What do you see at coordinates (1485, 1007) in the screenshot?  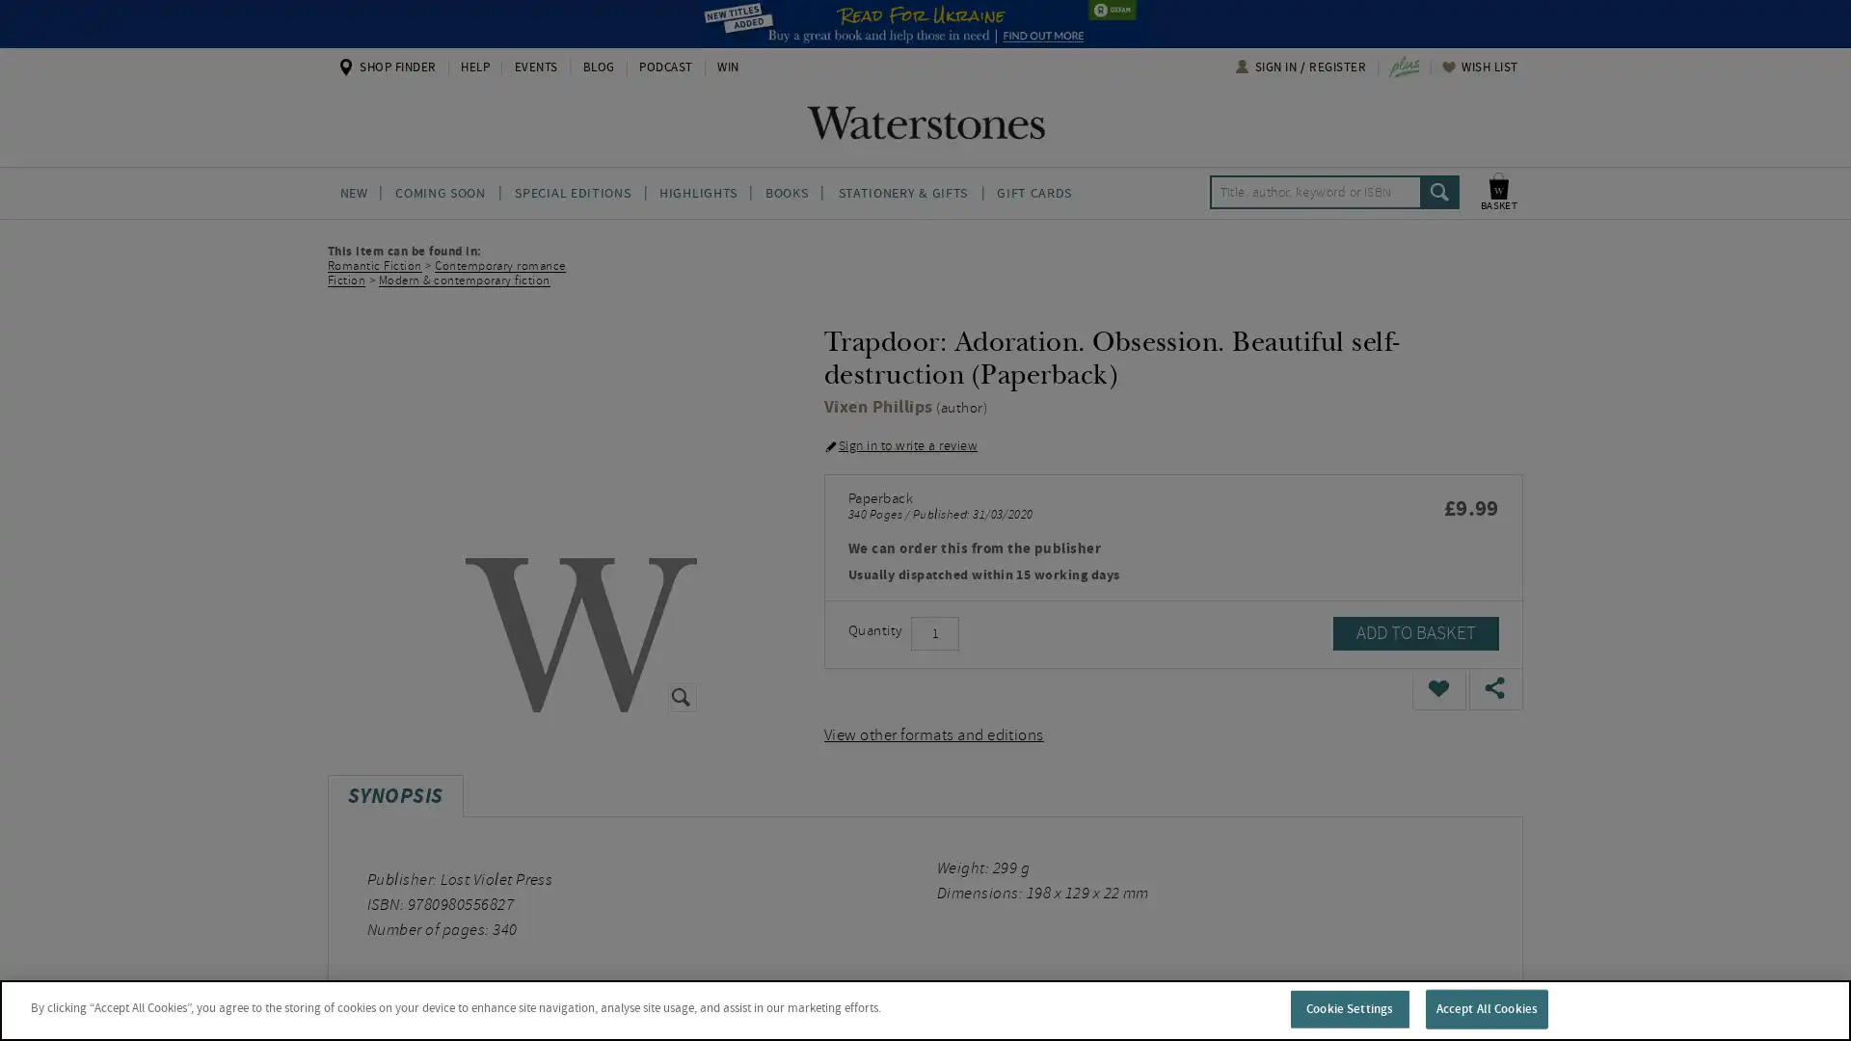 I see `Accept All Cookies` at bounding box center [1485, 1007].